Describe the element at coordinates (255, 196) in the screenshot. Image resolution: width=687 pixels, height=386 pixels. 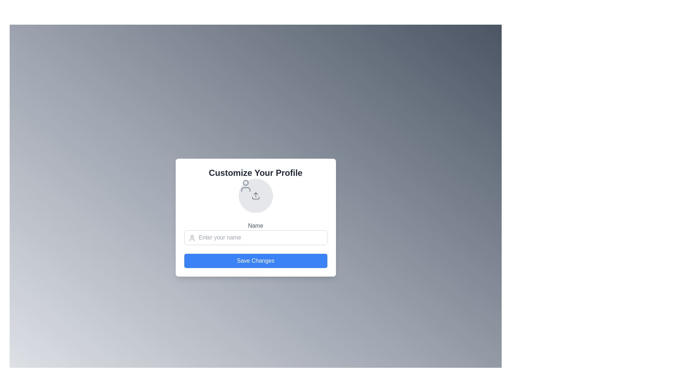
I see `a file from the desktop and drop it onto the circular interactive area for file upload, which is located below the title 'Customize Your Profile' and above the 'Name' input field` at that location.